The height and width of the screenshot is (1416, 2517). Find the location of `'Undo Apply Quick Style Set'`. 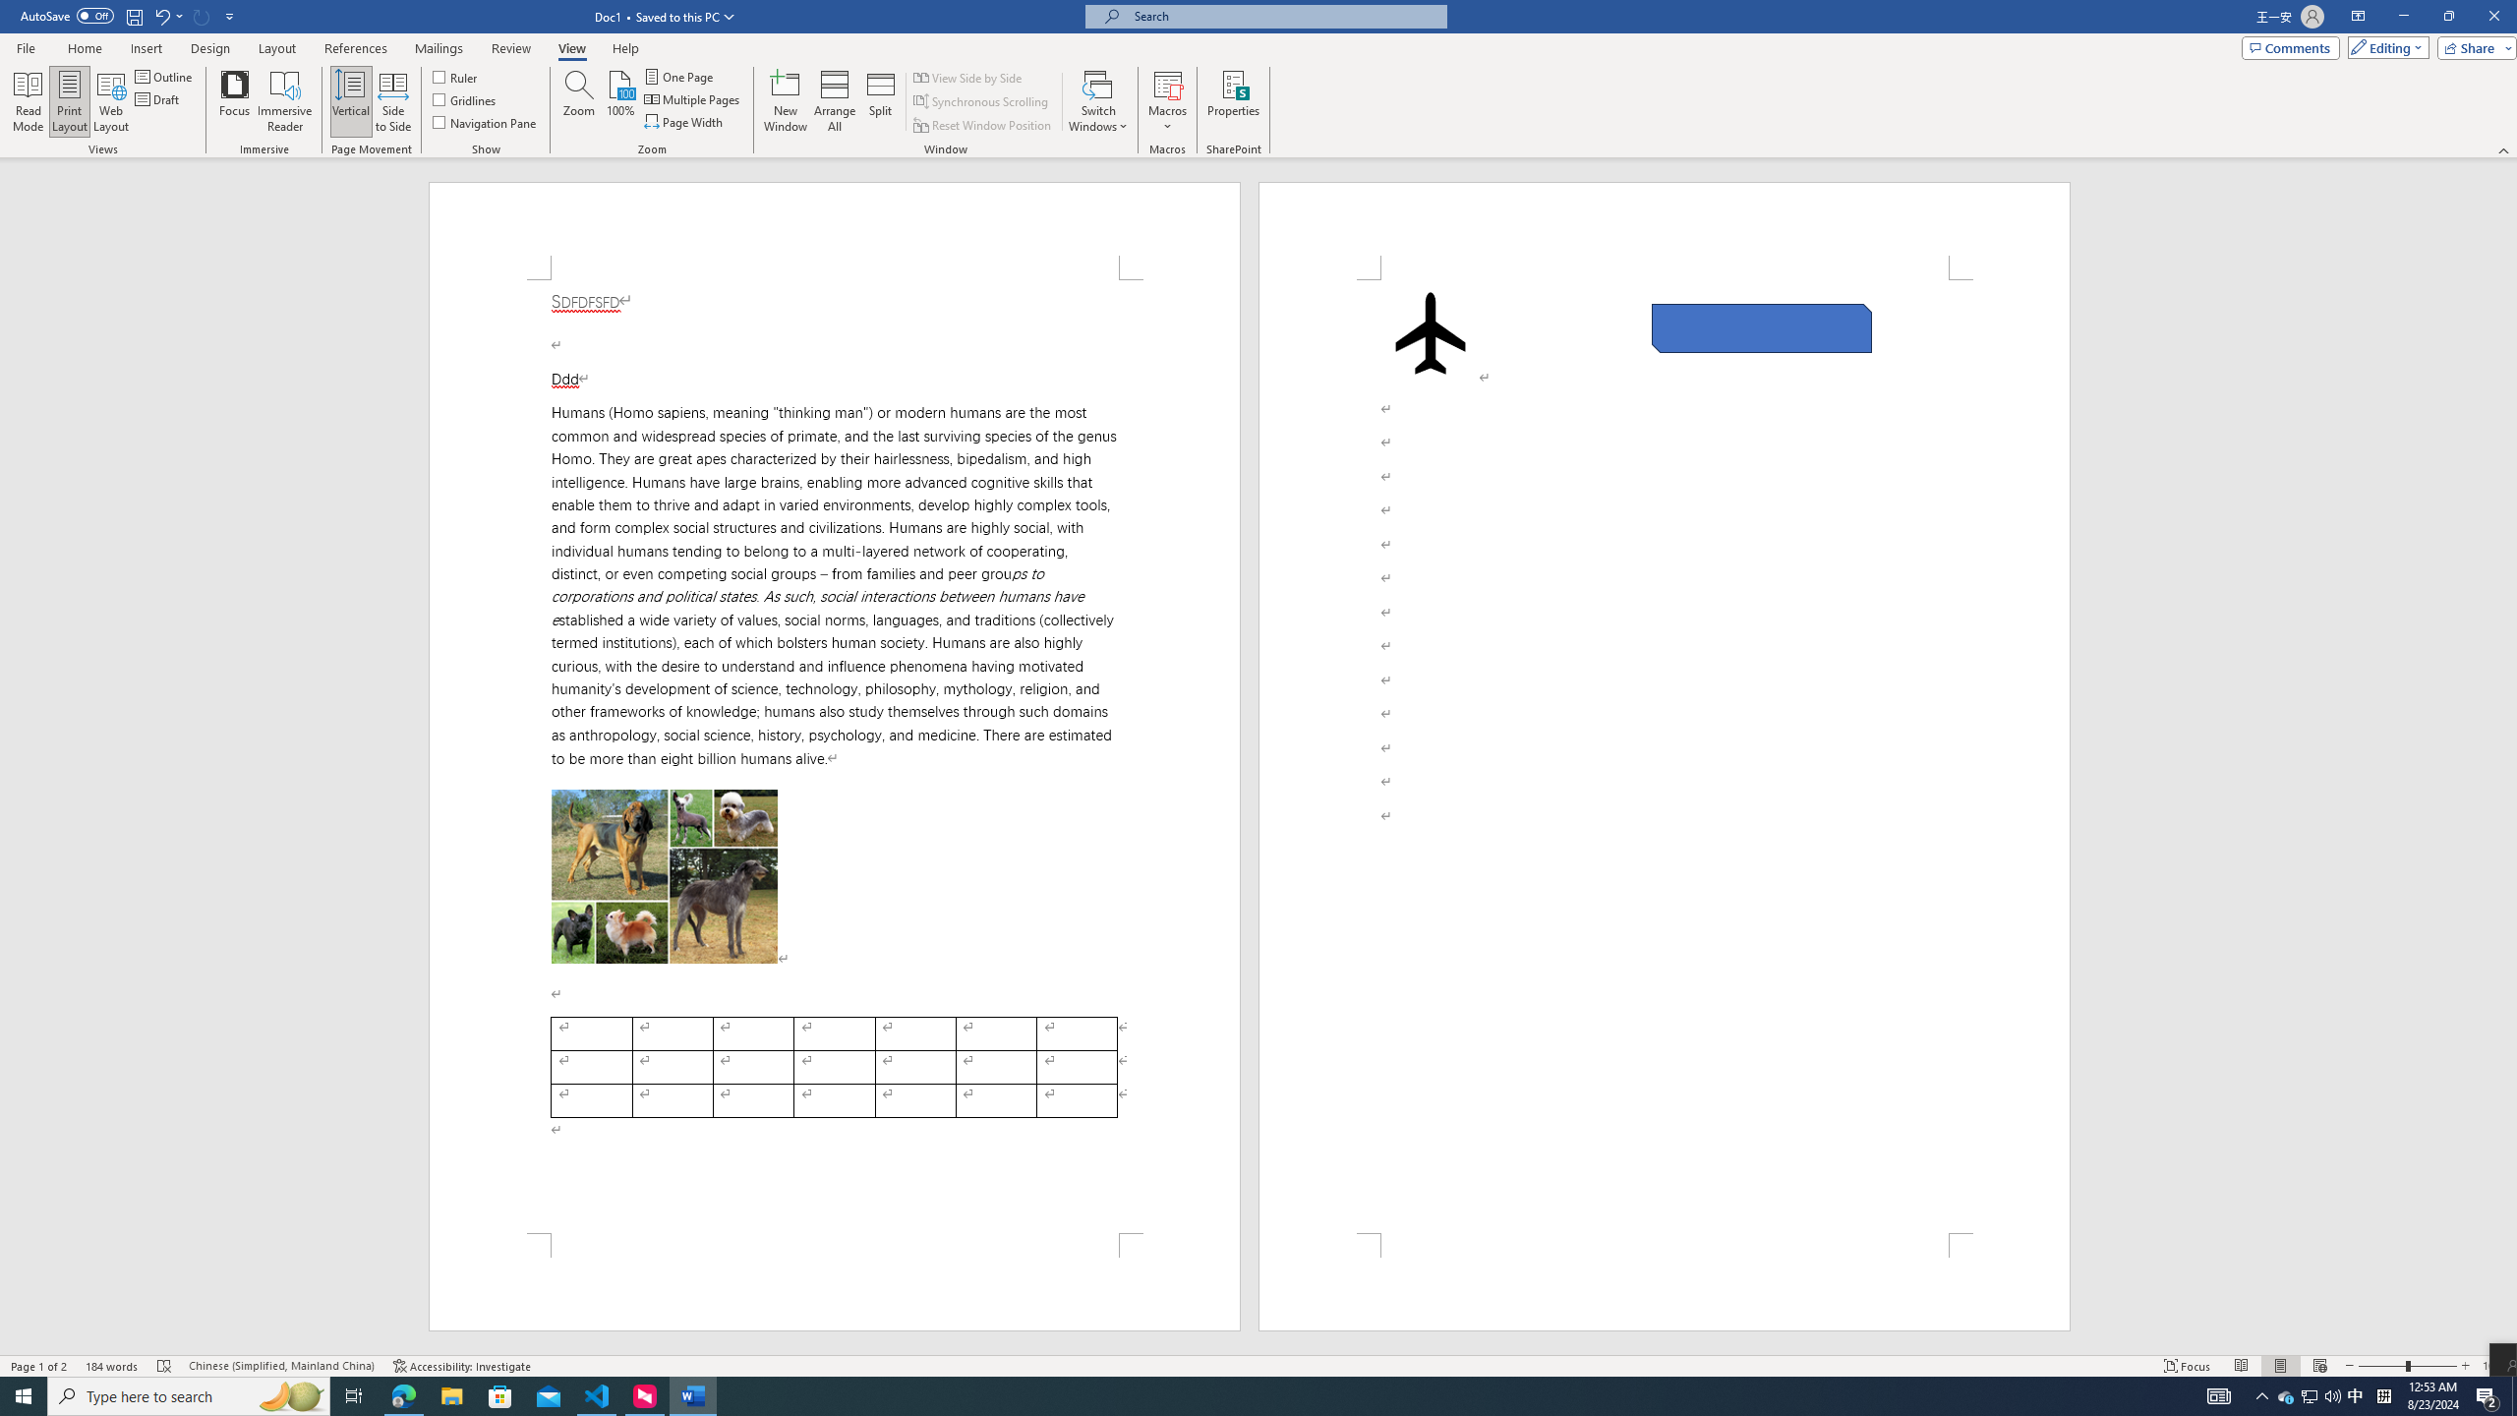

'Undo Apply Quick Style Set' is located at coordinates (160, 15).